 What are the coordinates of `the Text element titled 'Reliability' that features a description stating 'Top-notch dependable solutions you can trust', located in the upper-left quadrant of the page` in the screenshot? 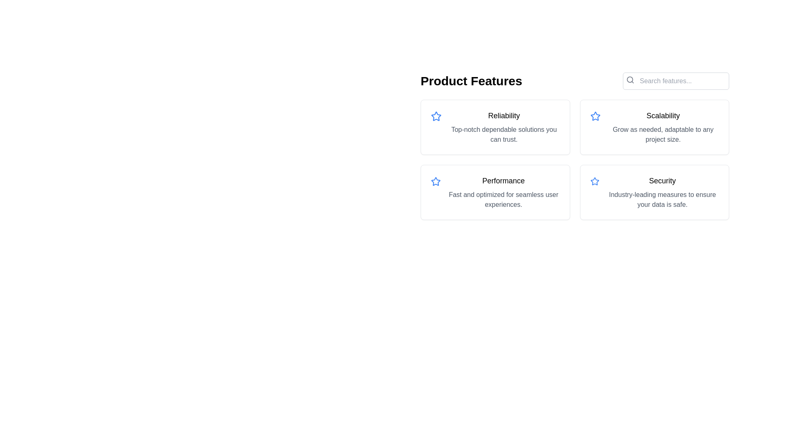 It's located at (503, 127).